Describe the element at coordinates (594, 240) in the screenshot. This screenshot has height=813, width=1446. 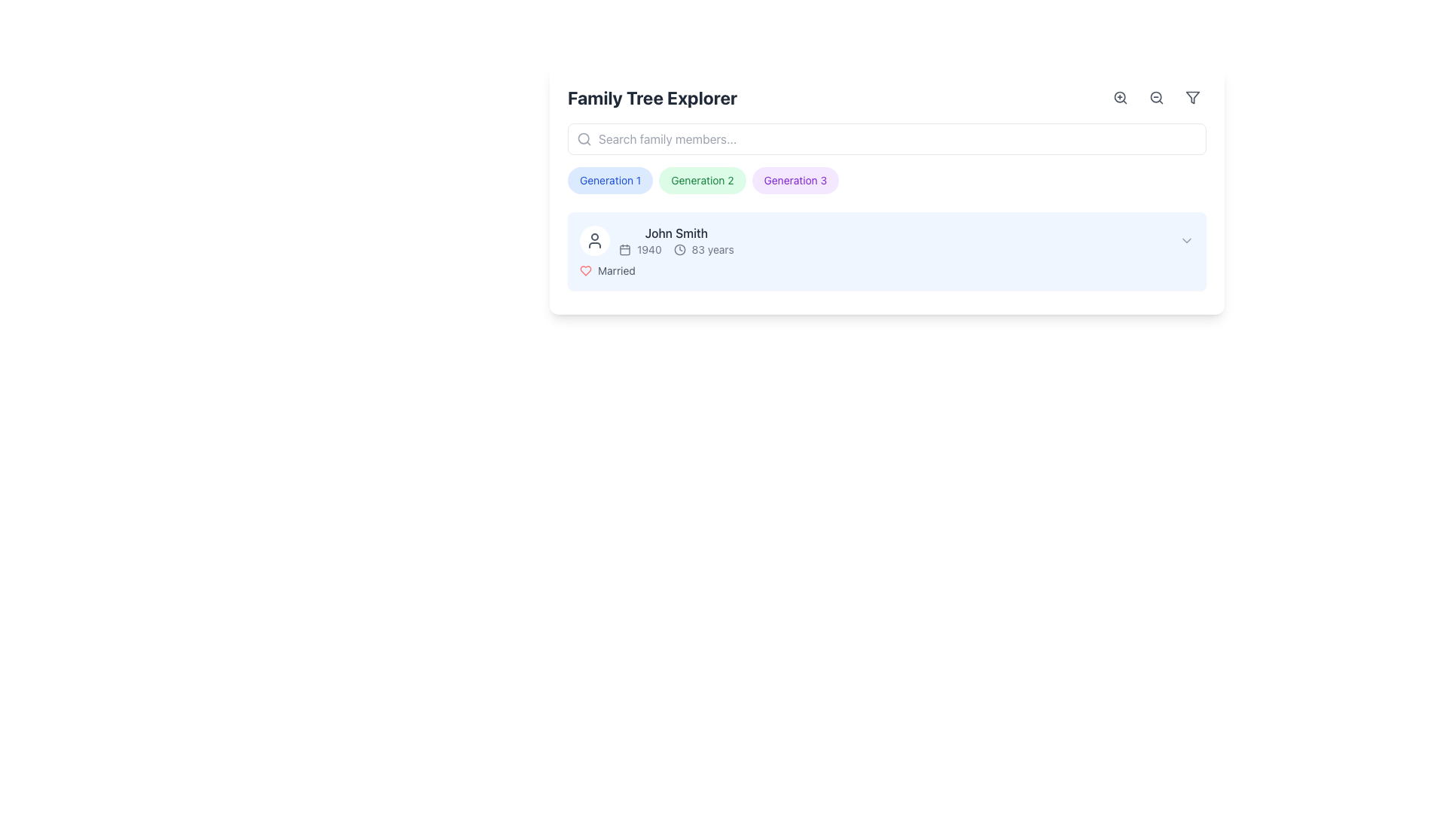
I see `the user silhouette icon located at the top-left part of the 'John Smith' profile card, which features a rounded head and a rectangular body shape` at that location.